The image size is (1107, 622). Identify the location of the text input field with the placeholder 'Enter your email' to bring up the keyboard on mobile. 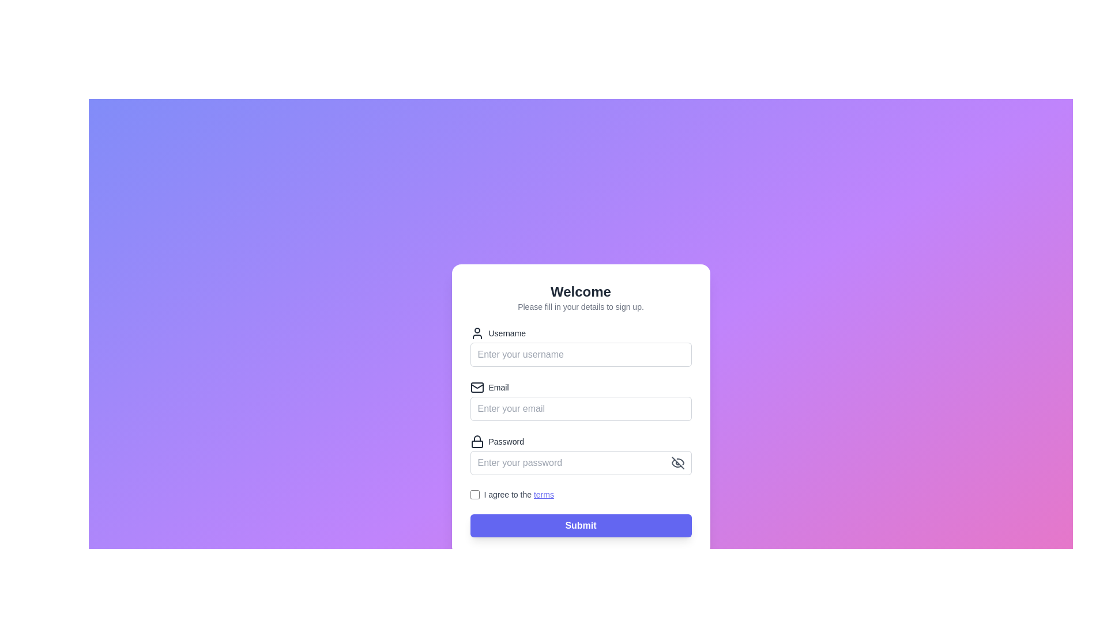
(581, 408).